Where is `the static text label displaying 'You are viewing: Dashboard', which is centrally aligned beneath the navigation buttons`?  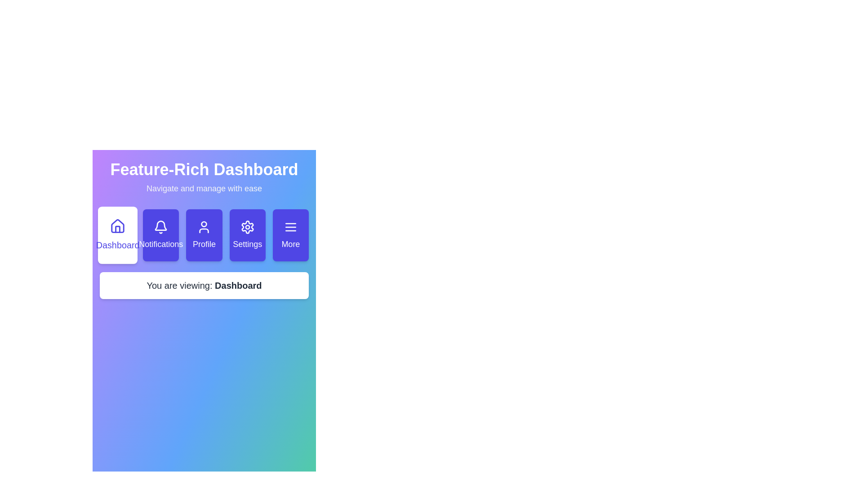
the static text label displaying 'You are viewing: Dashboard', which is centrally aligned beneath the navigation buttons is located at coordinates (204, 286).